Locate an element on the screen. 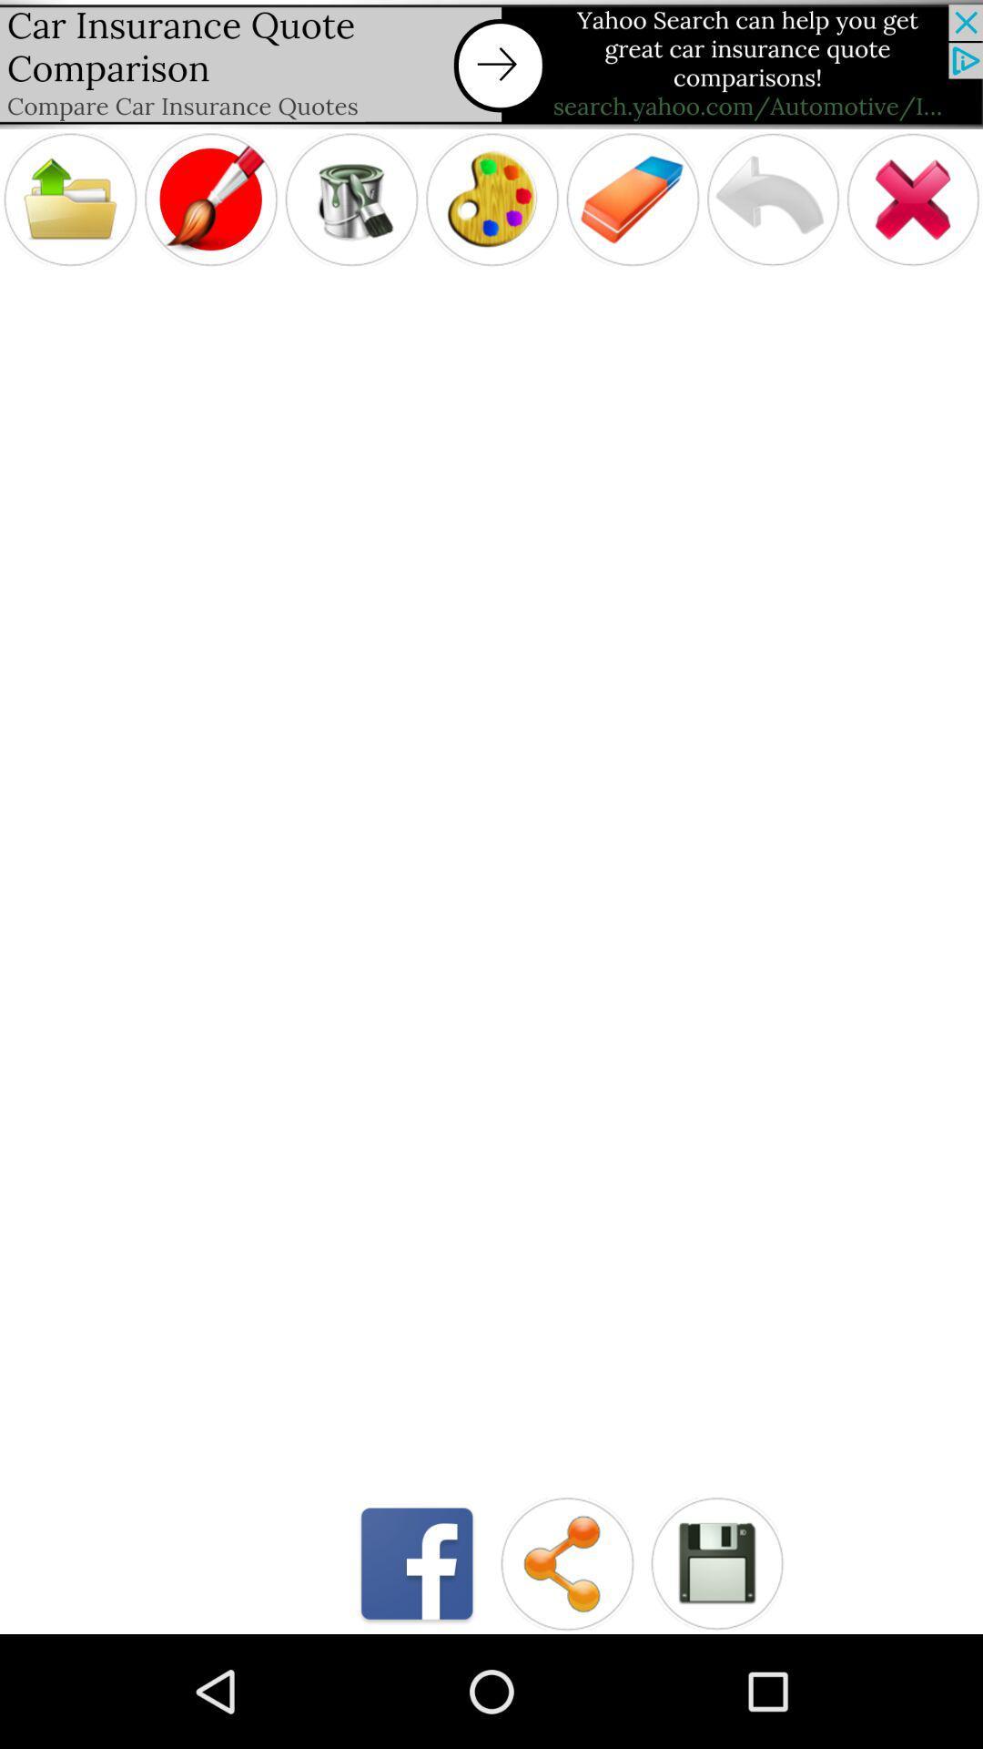 The height and width of the screenshot is (1749, 983). eraser is located at coordinates (632, 199).